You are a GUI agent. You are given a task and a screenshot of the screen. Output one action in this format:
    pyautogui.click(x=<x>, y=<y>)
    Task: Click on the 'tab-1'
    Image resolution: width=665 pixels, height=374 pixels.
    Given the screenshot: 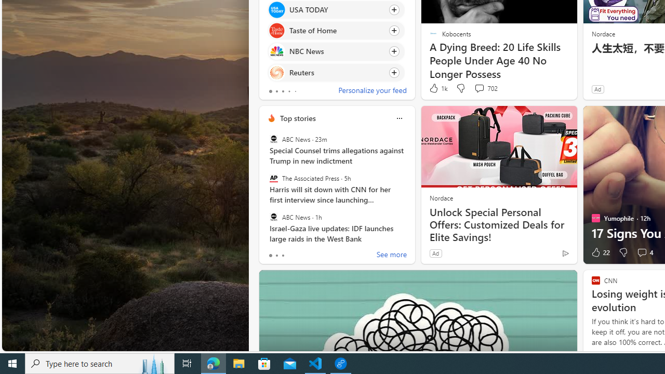 What is the action you would take?
    pyautogui.click(x=276, y=256)
    